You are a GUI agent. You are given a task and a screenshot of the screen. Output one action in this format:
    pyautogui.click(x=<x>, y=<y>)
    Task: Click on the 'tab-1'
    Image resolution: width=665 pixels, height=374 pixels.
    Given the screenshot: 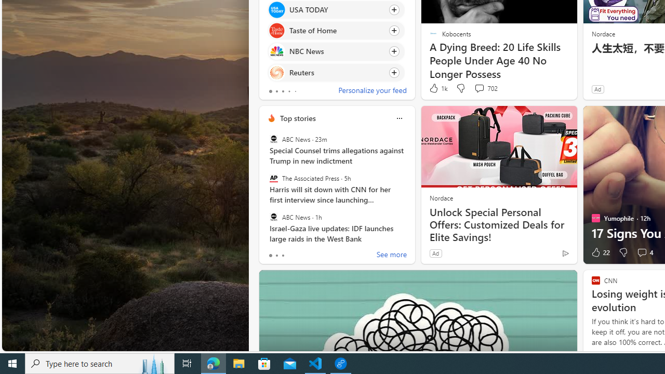 What is the action you would take?
    pyautogui.click(x=276, y=256)
    